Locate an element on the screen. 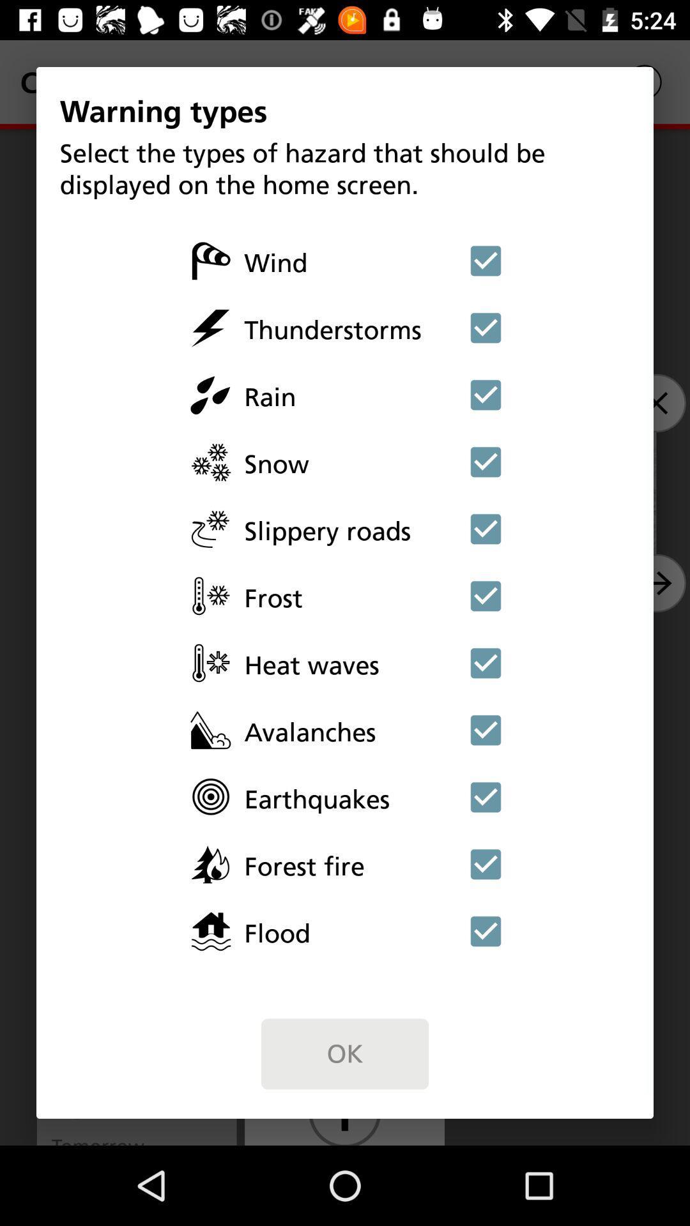  meteoswiss is located at coordinates (486, 394).